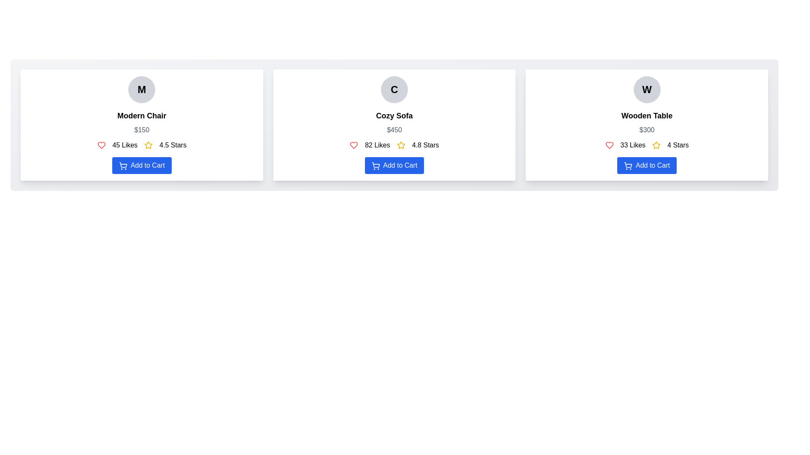  Describe the element at coordinates (142, 89) in the screenshot. I see `the static icon representing the 'Modern Chair' product, located at the top-center of the product card above the text heading 'Modern Chair'` at that location.